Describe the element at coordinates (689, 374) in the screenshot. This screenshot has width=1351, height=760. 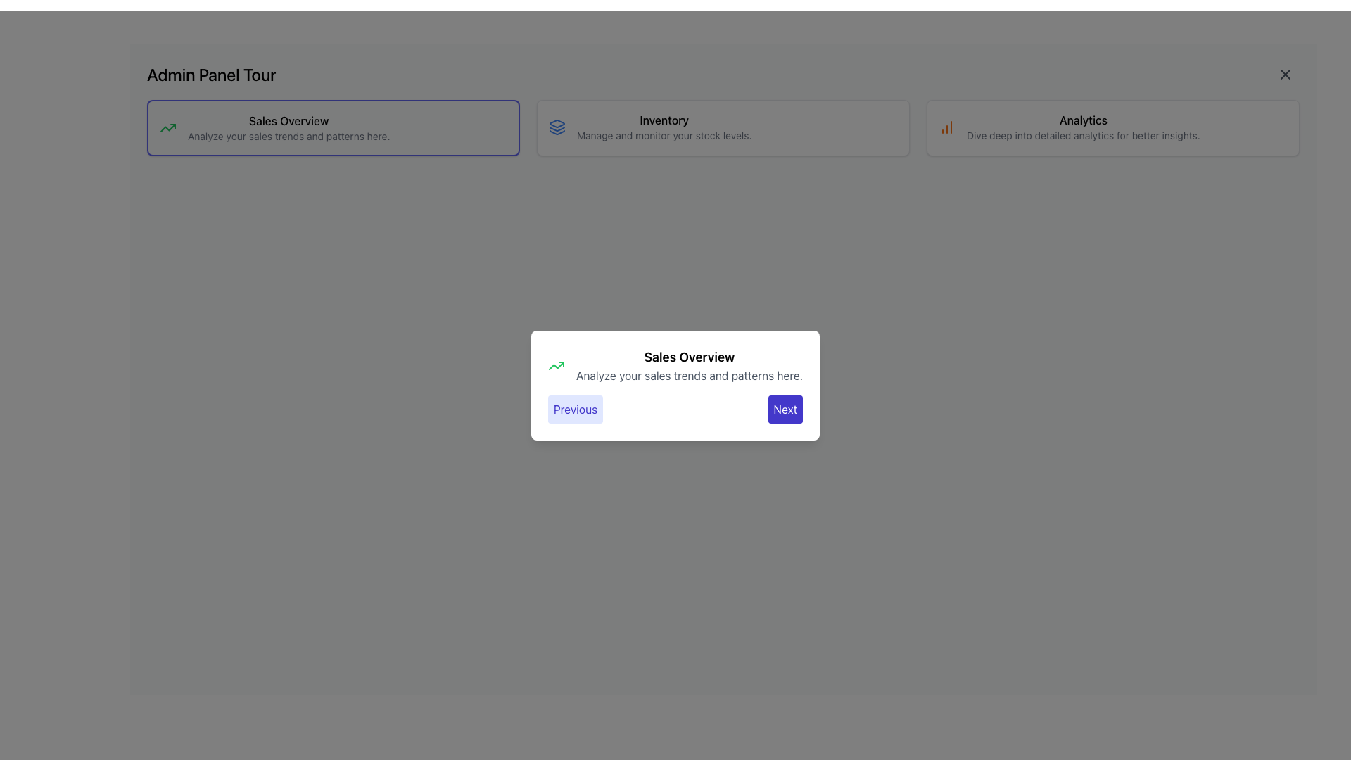
I see `the text label displaying 'Analyze your sales trends and patterns here.' which is located below the 'Sales Overview' title in the modal box` at that location.